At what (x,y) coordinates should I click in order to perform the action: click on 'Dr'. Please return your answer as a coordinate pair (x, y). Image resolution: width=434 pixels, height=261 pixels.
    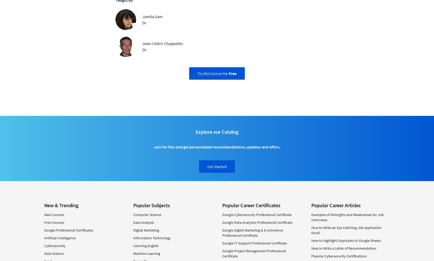
    Looking at the image, I should click on (144, 22).